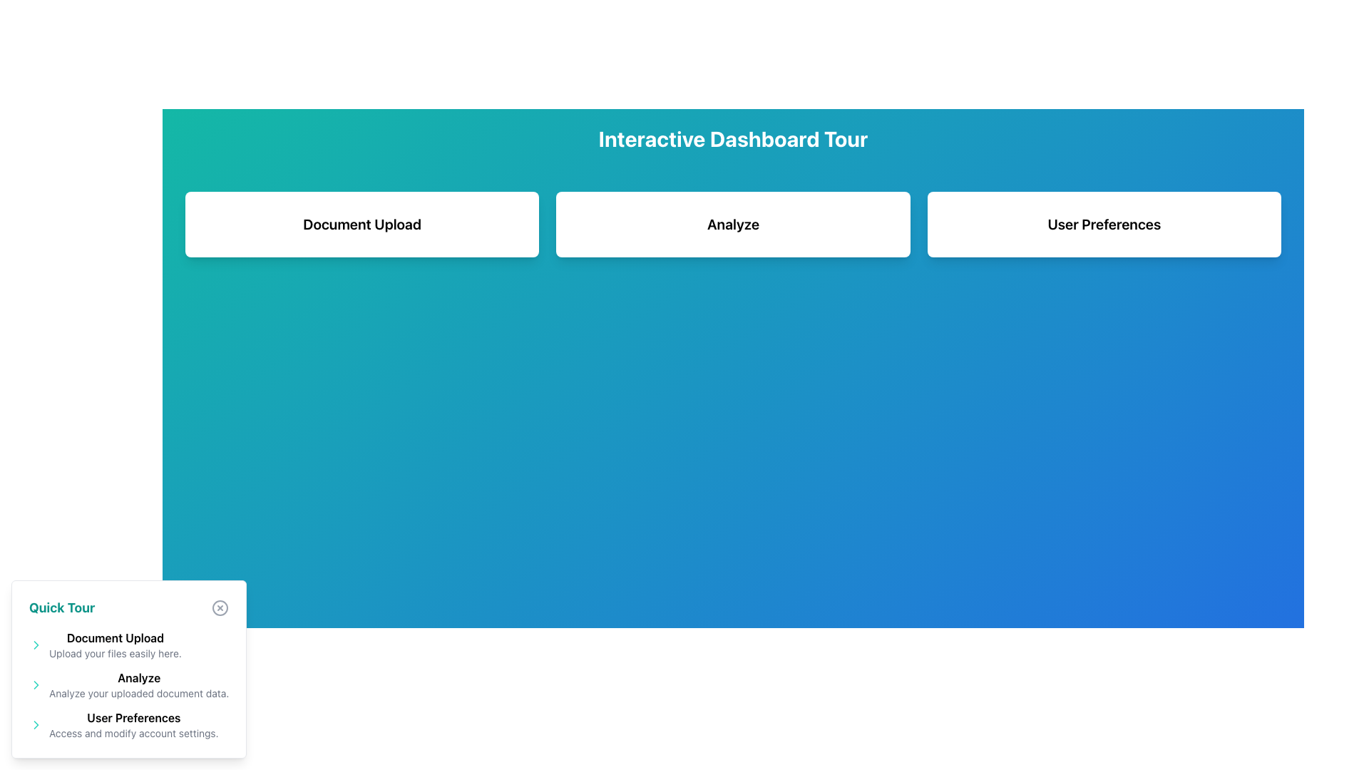  Describe the element at coordinates (129, 725) in the screenshot. I see `the teal-colored chevron arrow on the 'User Preferences' list item` at that location.